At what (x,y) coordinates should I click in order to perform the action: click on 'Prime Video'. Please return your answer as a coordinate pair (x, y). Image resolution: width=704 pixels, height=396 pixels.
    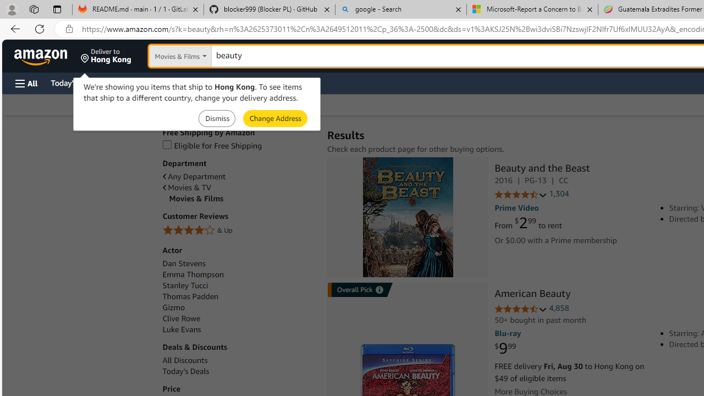
    Looking at the image, I should click on (516, 208).